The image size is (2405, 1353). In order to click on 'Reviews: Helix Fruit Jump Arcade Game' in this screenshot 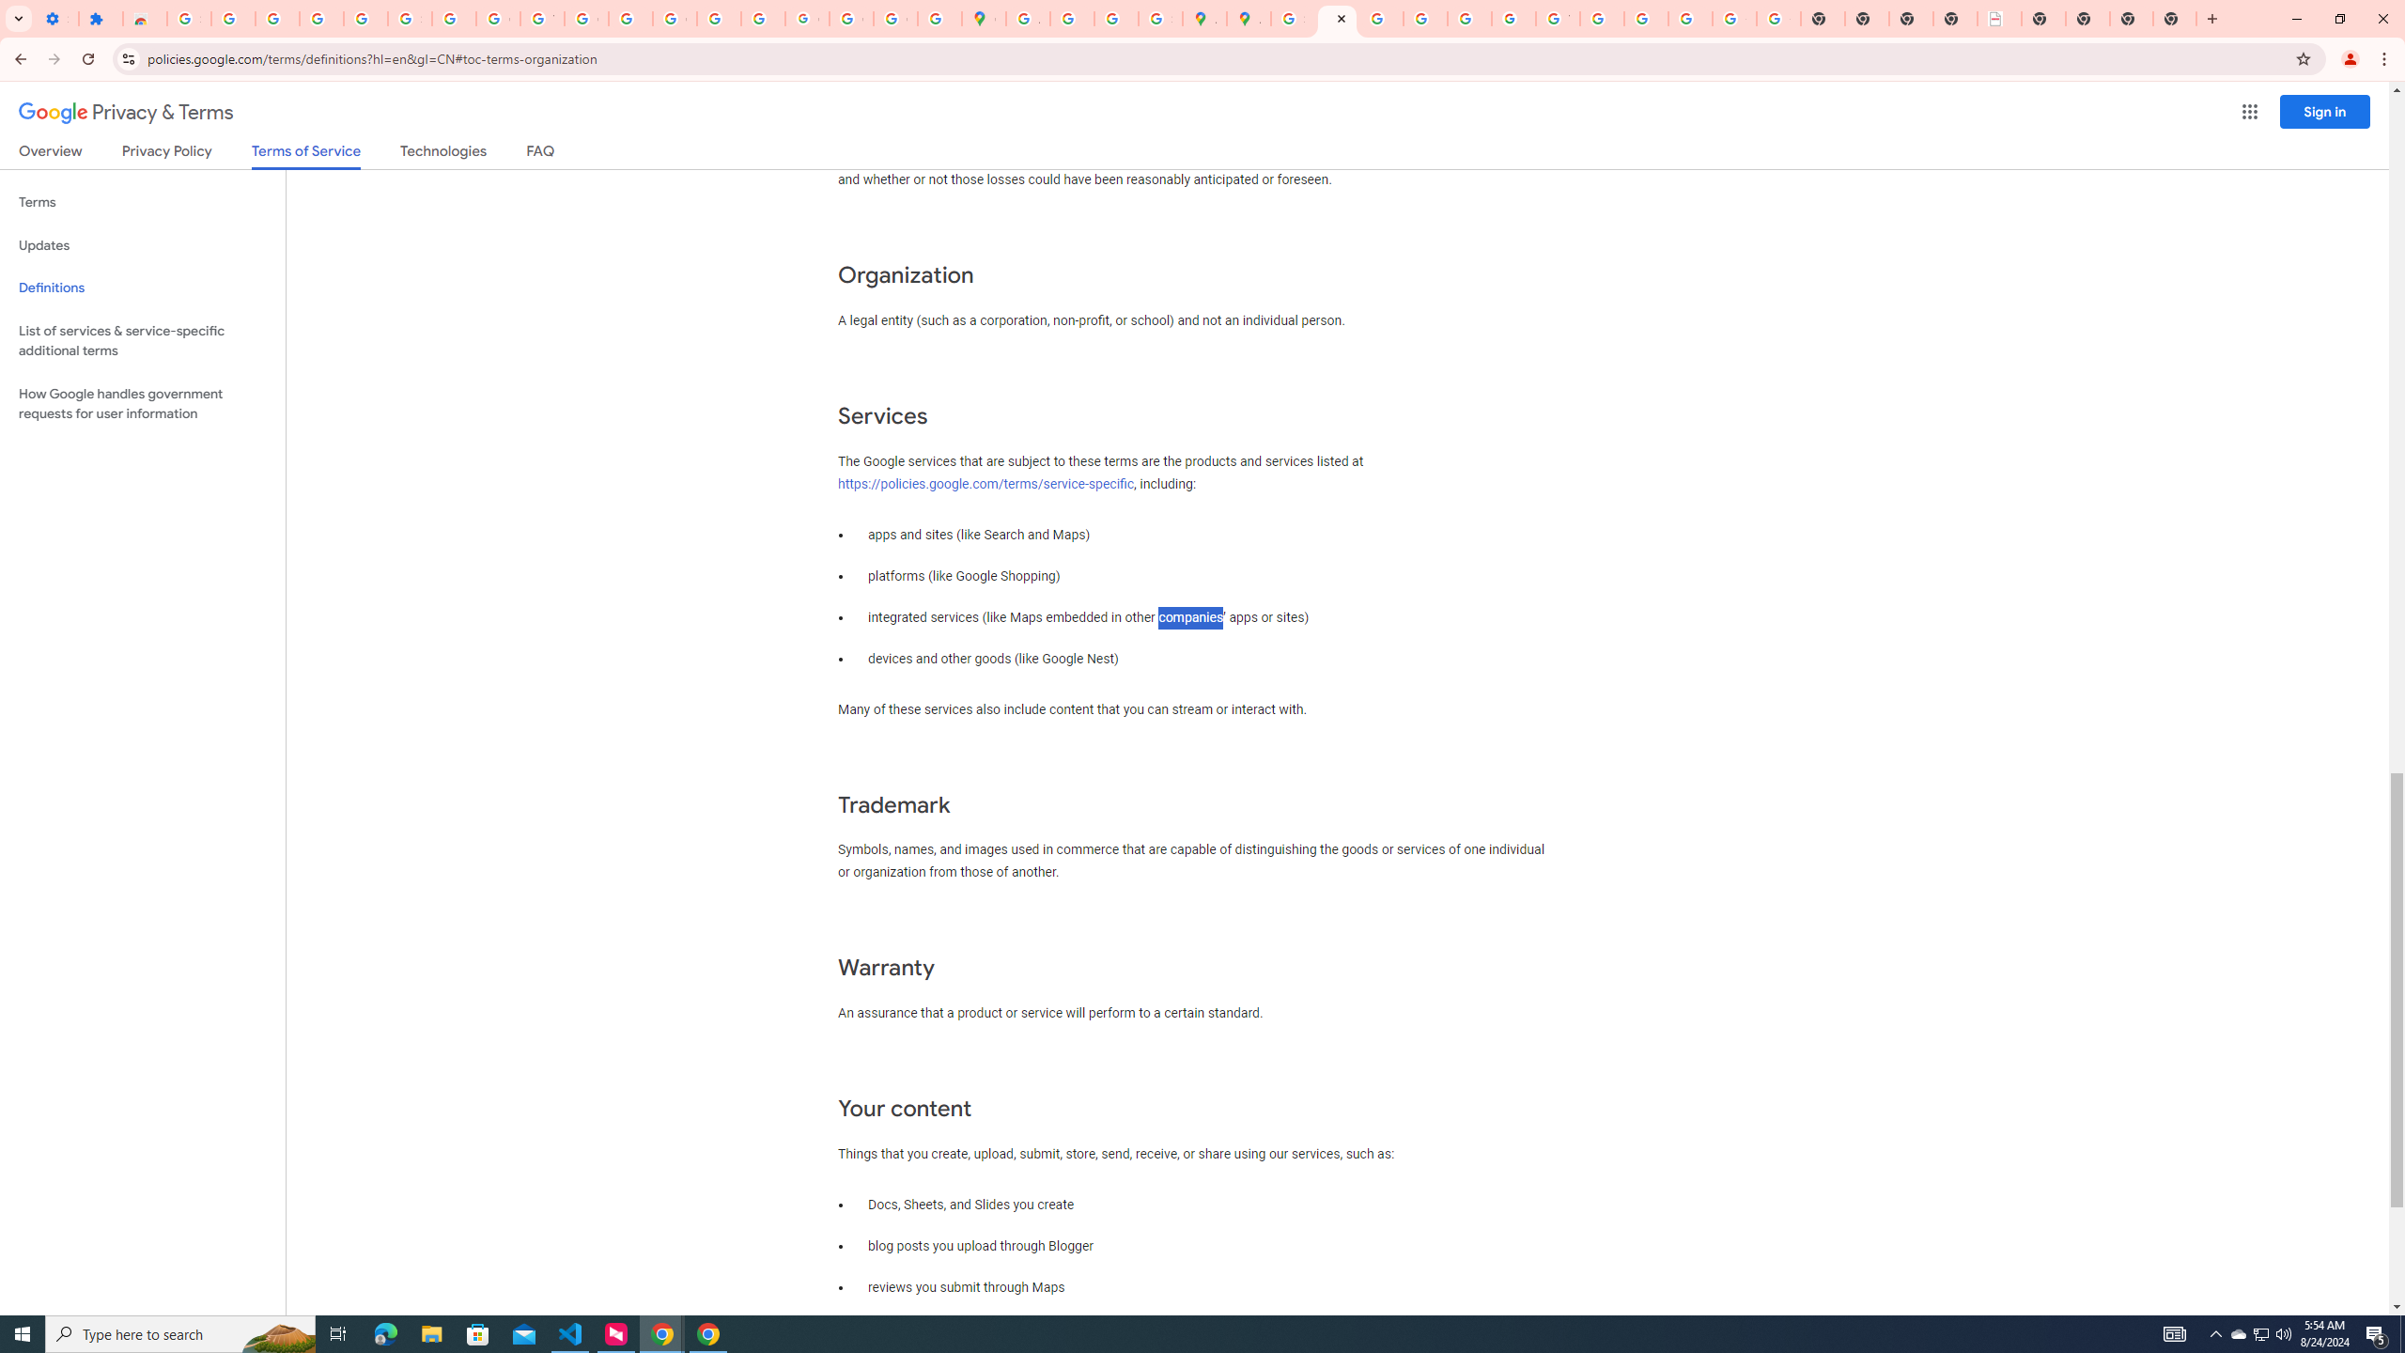, I will do `click(145, 18)`.